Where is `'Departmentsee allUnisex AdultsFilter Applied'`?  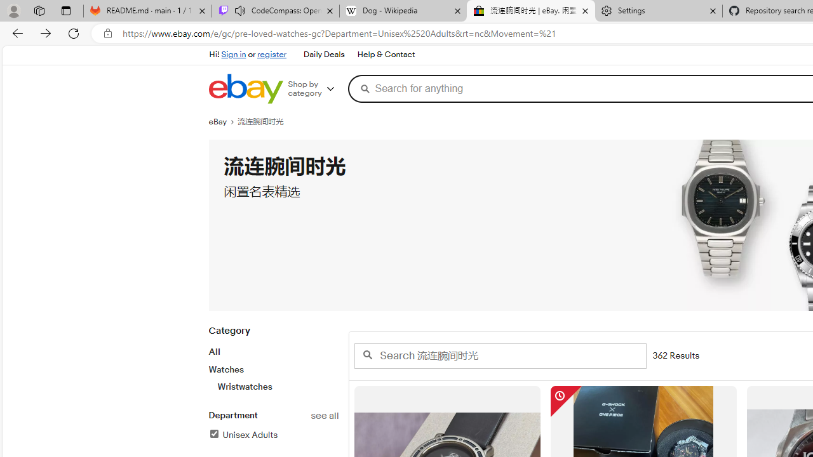 'Departmentsee allUnisex AdultsFilter Applied' is located at coordinates (272, 432).